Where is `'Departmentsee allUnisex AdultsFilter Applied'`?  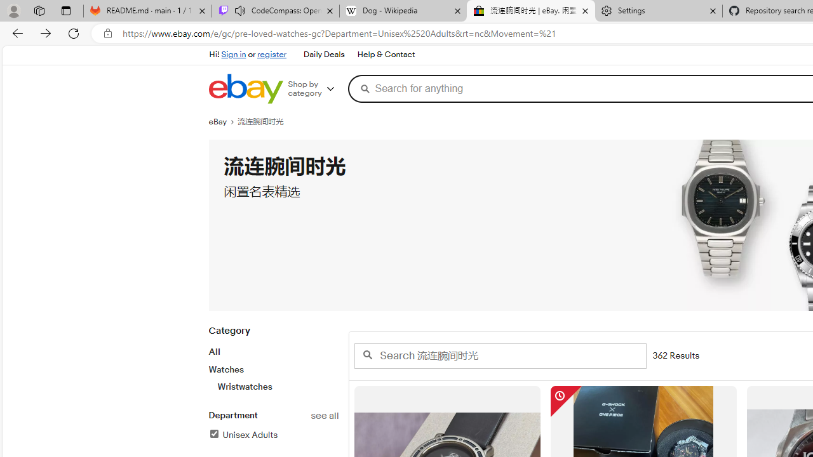 'Departmentsee allUnisex AdultsFilter Applied' is located at coordinates (272, 432).